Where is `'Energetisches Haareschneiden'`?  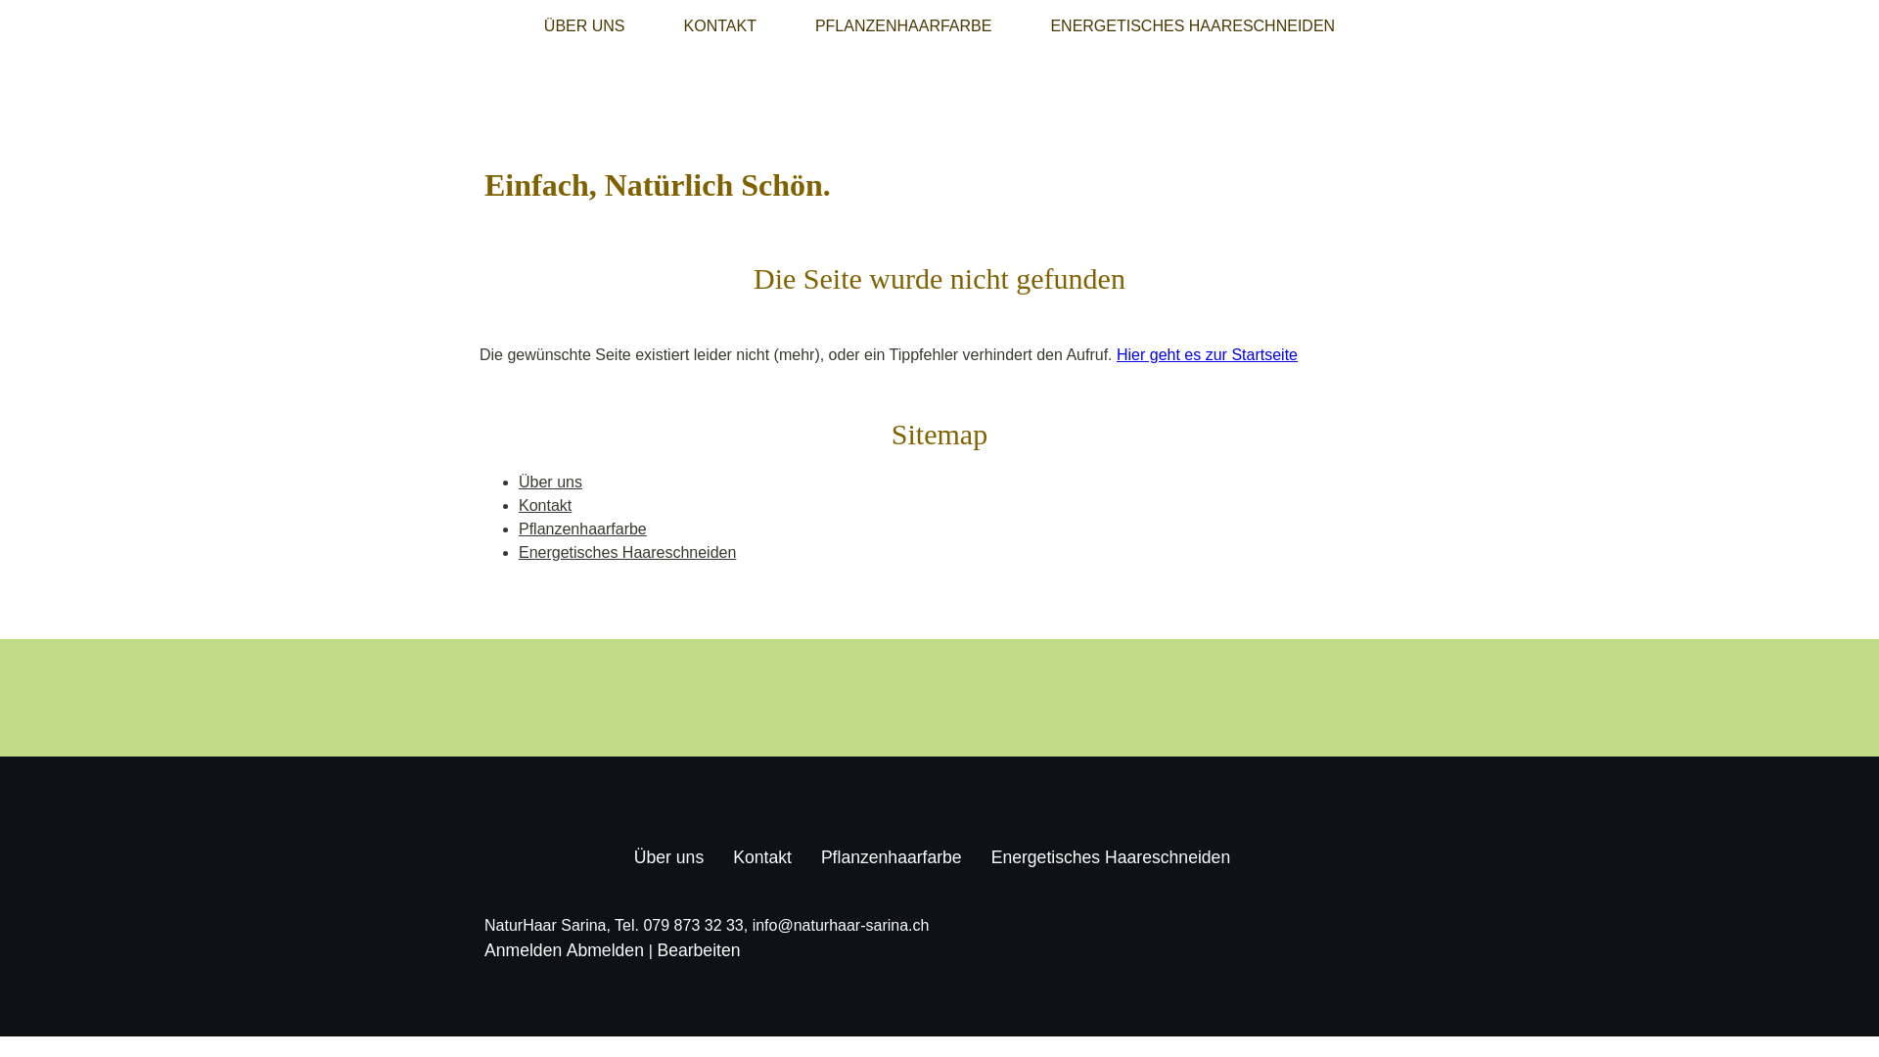 'Energetisches Haareschneiden' is located at coordinates (1111, 855).